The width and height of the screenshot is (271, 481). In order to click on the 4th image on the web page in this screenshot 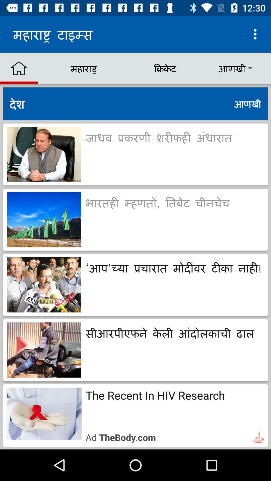, I will do `click(44, 350)`.